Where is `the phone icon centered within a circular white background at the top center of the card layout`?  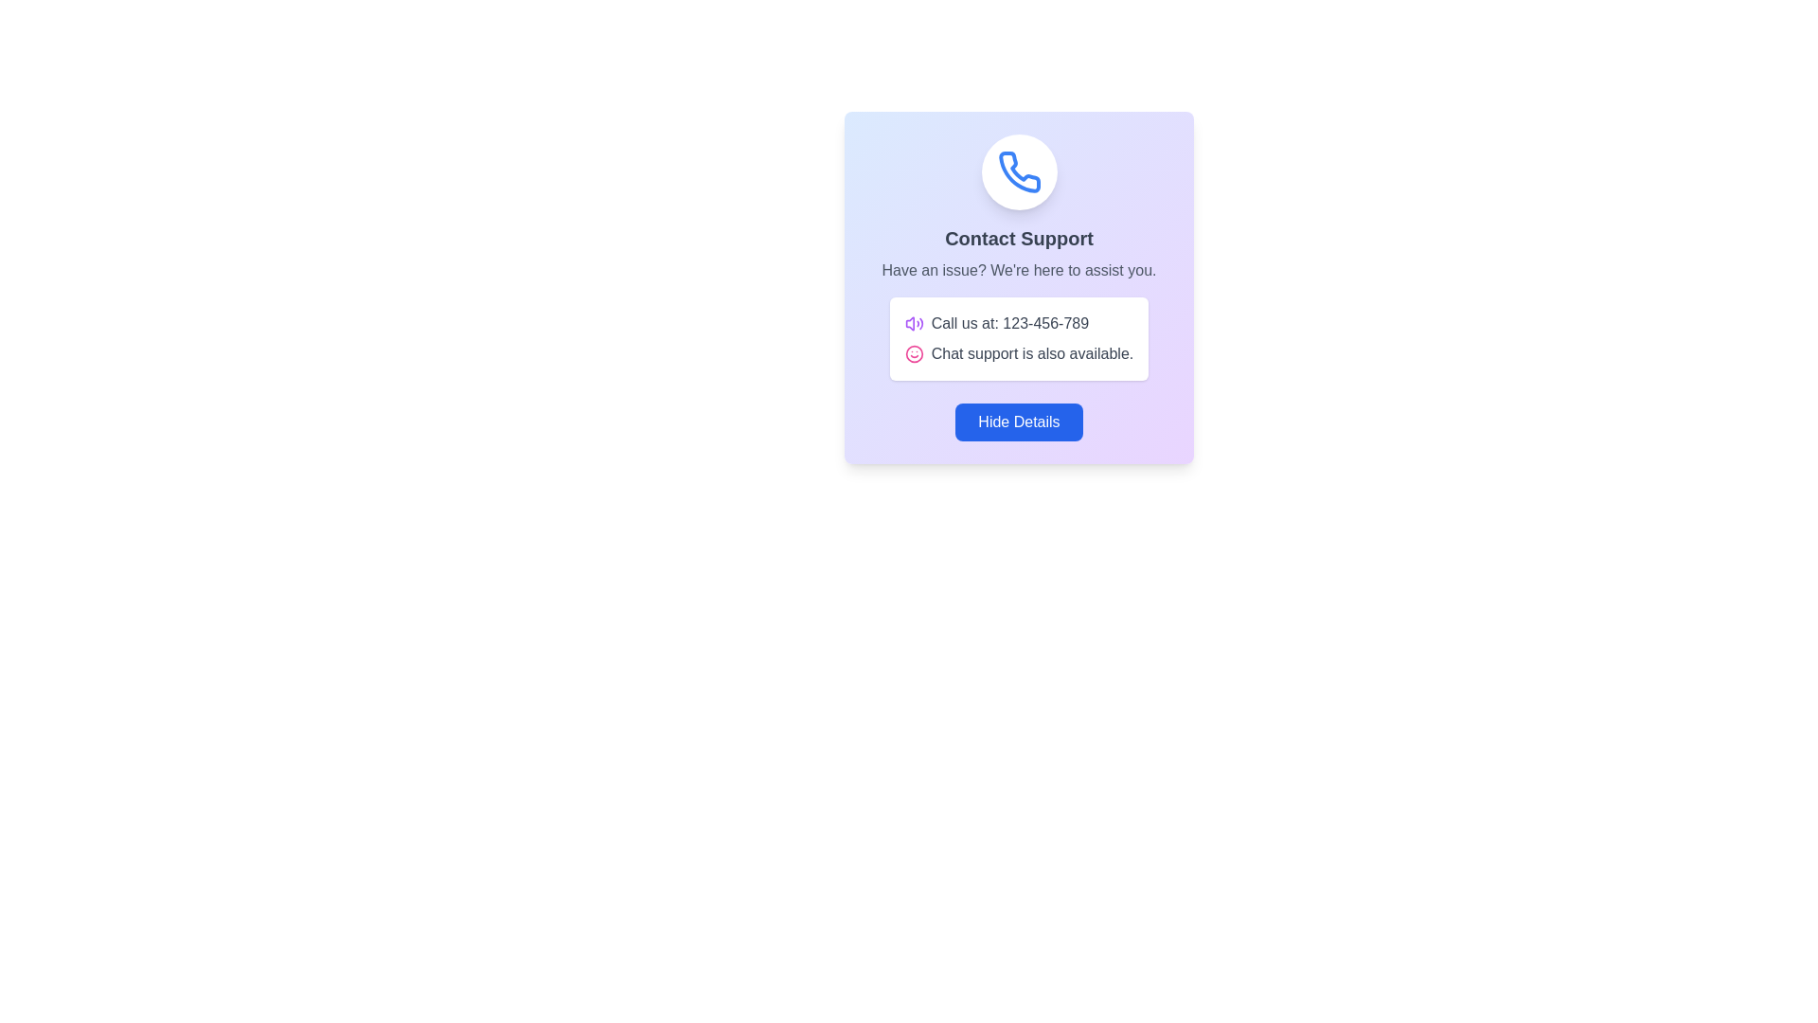 the phone icon centered within a circular white background at the top center of the card layout is located at coordinates (1018, 171).